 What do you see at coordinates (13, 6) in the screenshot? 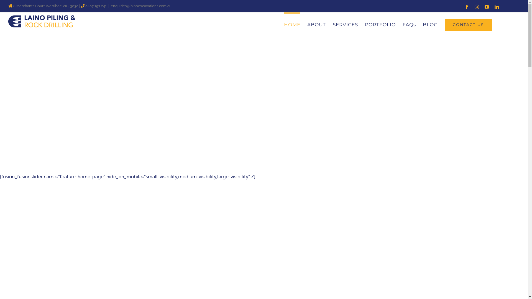
I see `'8 Merchants Court Werribee VIC, 3030'` at bounding box center [13, 6].